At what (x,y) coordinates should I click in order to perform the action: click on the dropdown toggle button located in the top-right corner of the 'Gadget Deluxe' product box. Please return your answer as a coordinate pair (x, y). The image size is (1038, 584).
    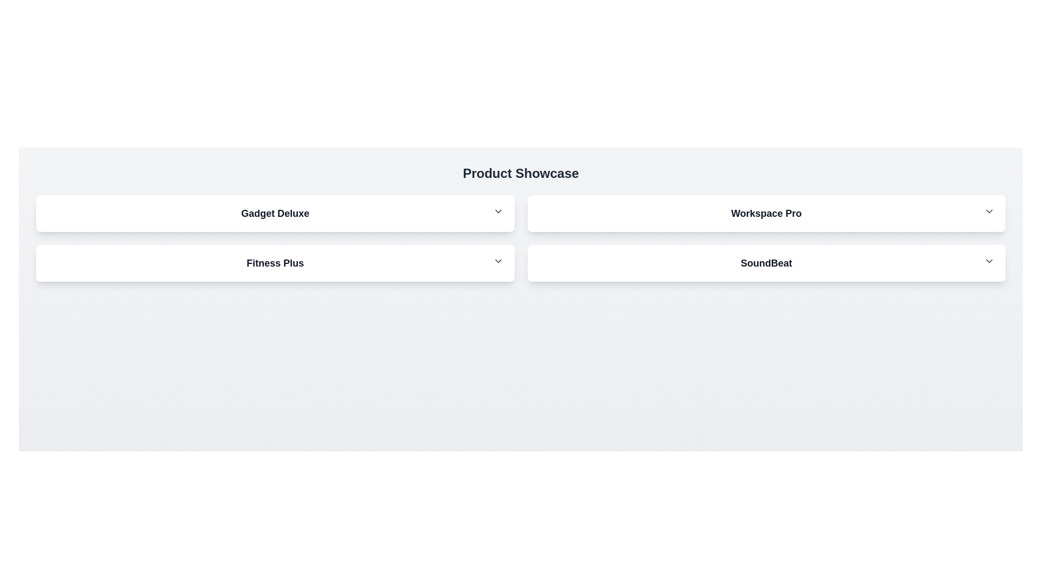
    Looking at the image, I should click on (497, 211).